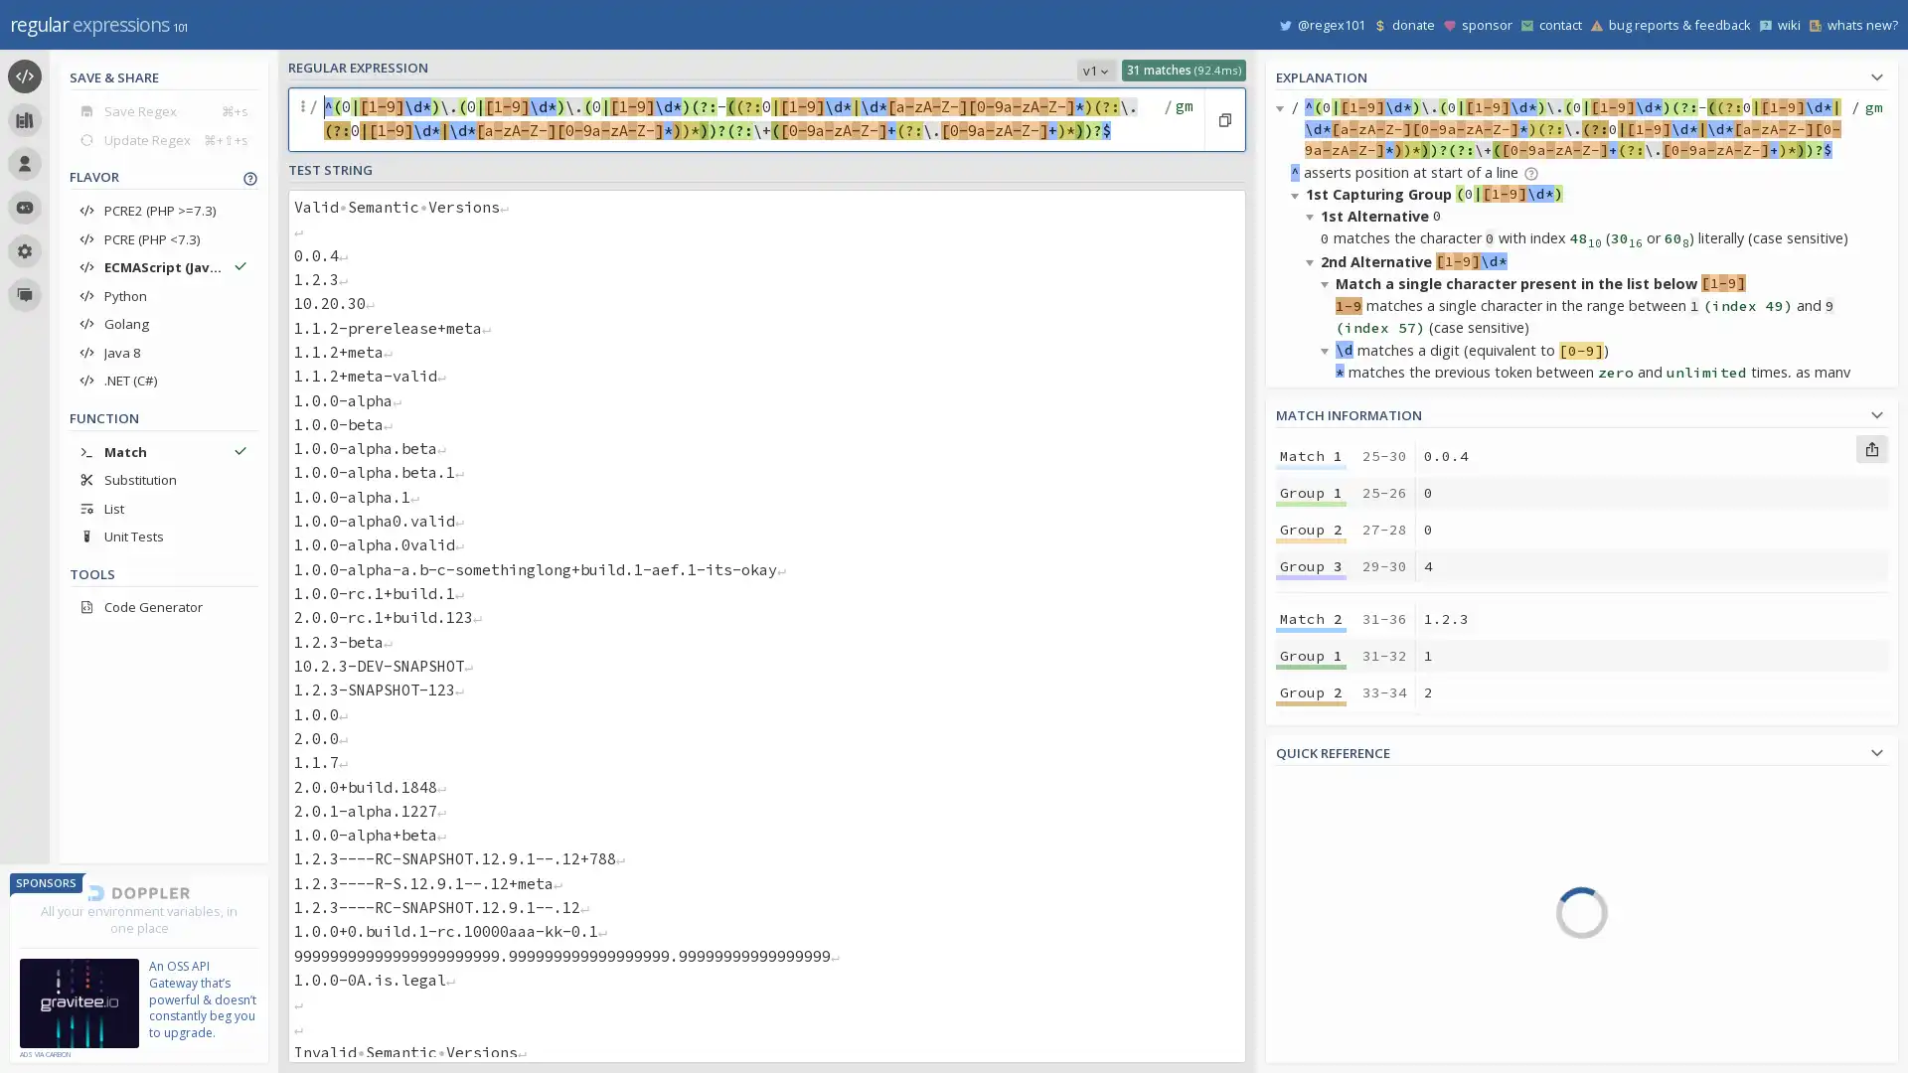 The height and width of the screenshot is (1073, 1908). Describe the element at coordinates (1581, 74) in the screenshot. I see `EXPLANATION` at that location.